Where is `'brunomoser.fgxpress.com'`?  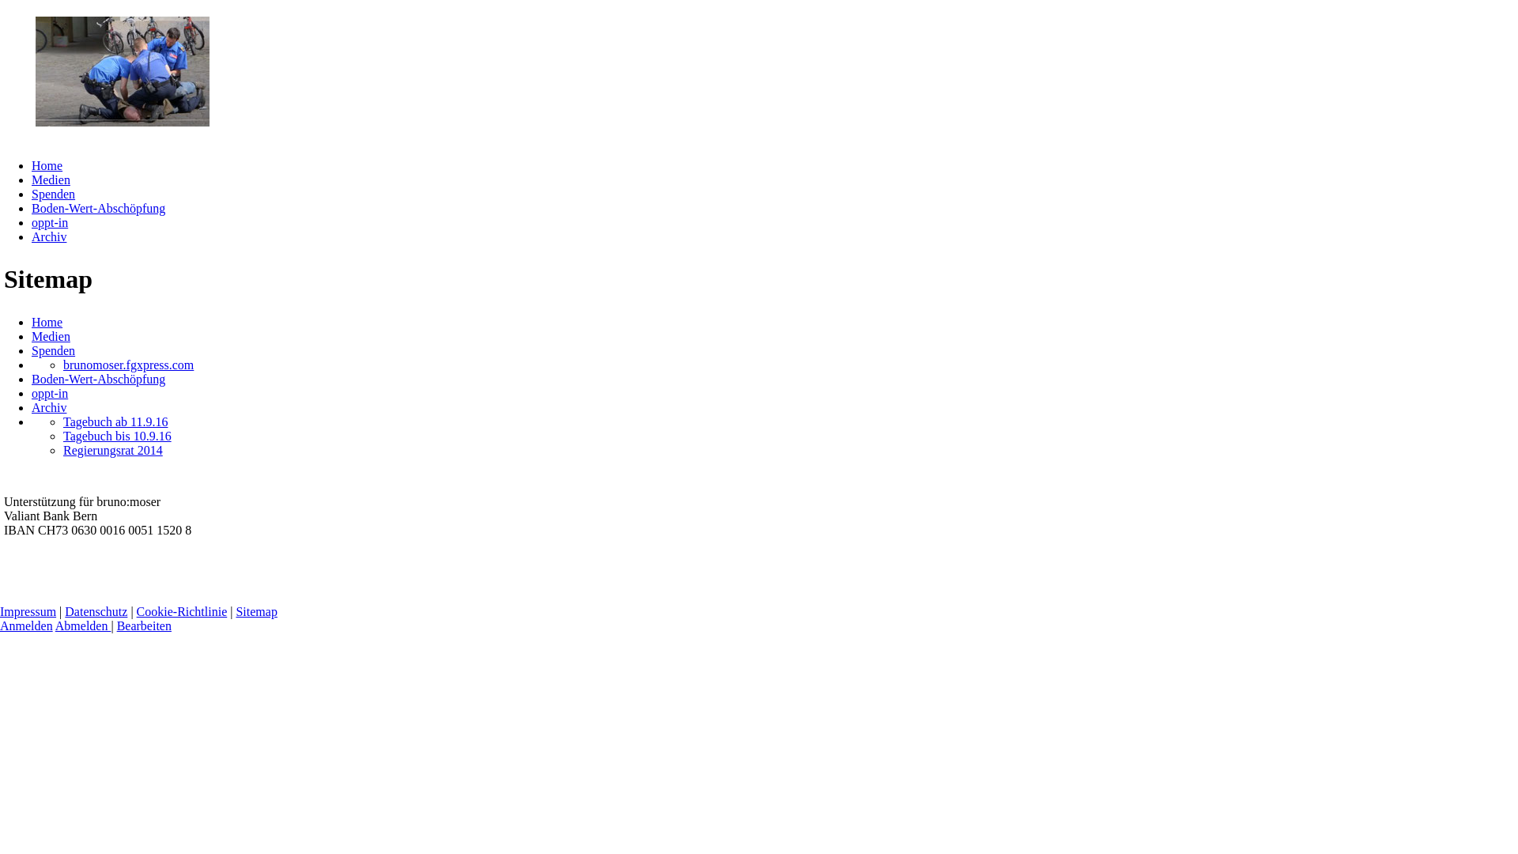 'brunomoser.fgxpress.com' is located at coordinates (128, 365).